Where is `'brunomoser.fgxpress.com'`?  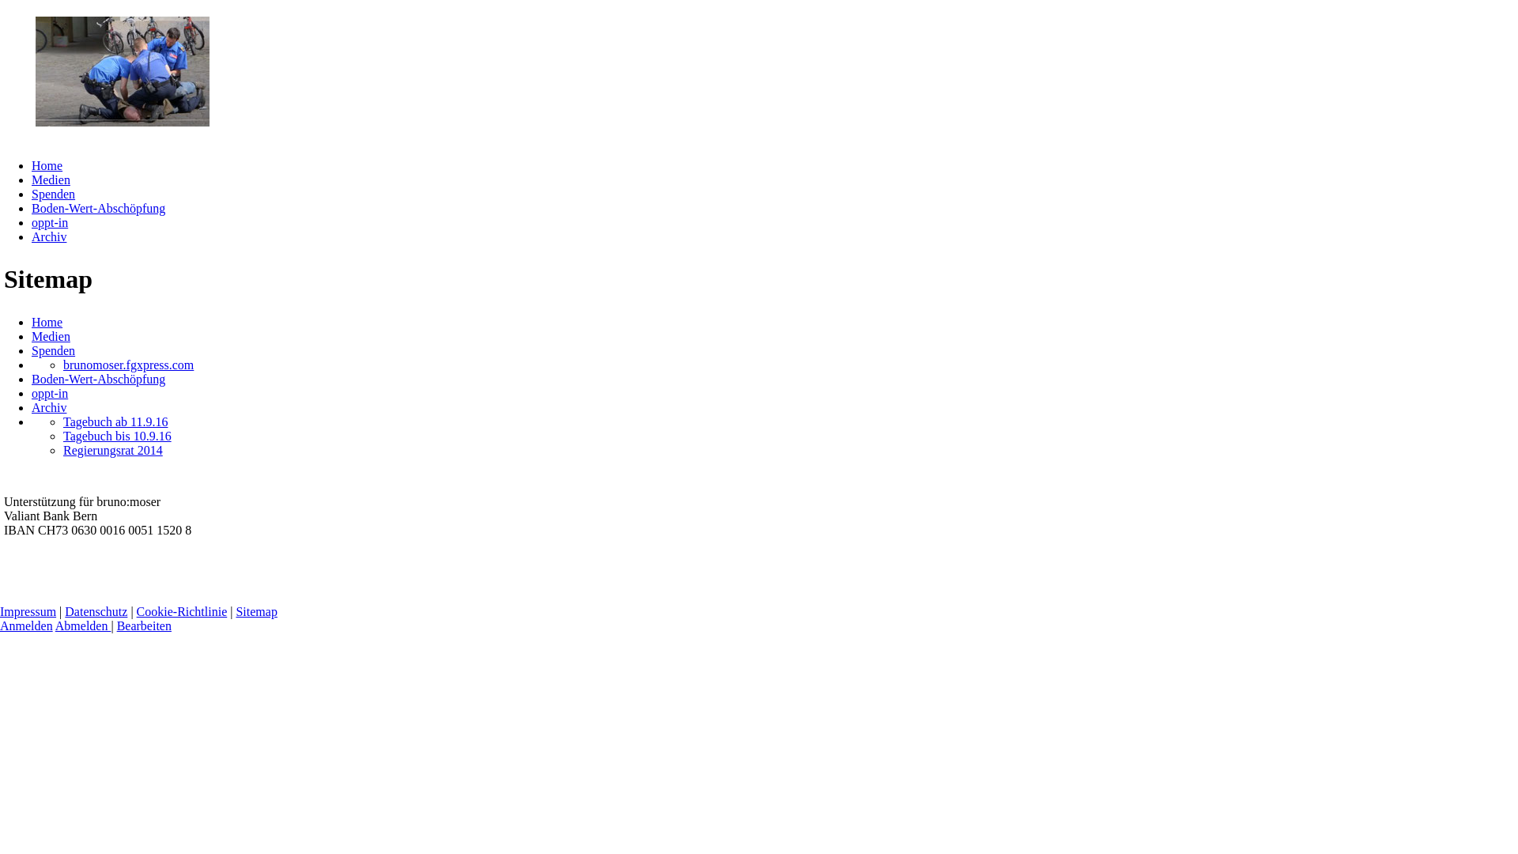 'brunomoser.fgxpress.com' is located at coordinates (128, 365).